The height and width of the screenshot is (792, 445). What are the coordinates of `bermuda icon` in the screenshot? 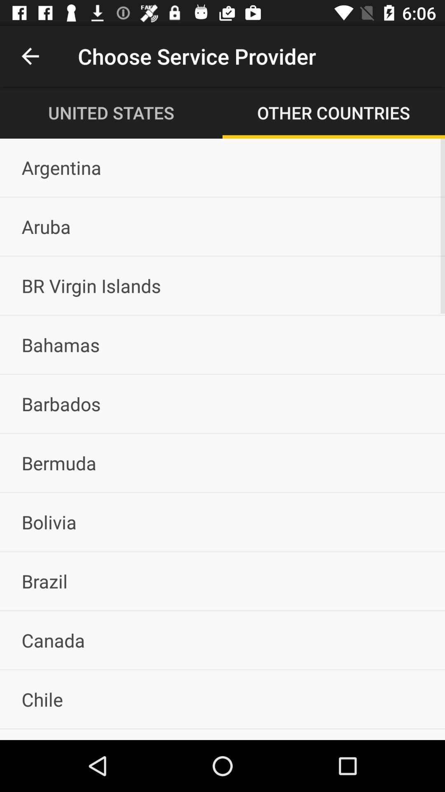 It's located at (222, 463).